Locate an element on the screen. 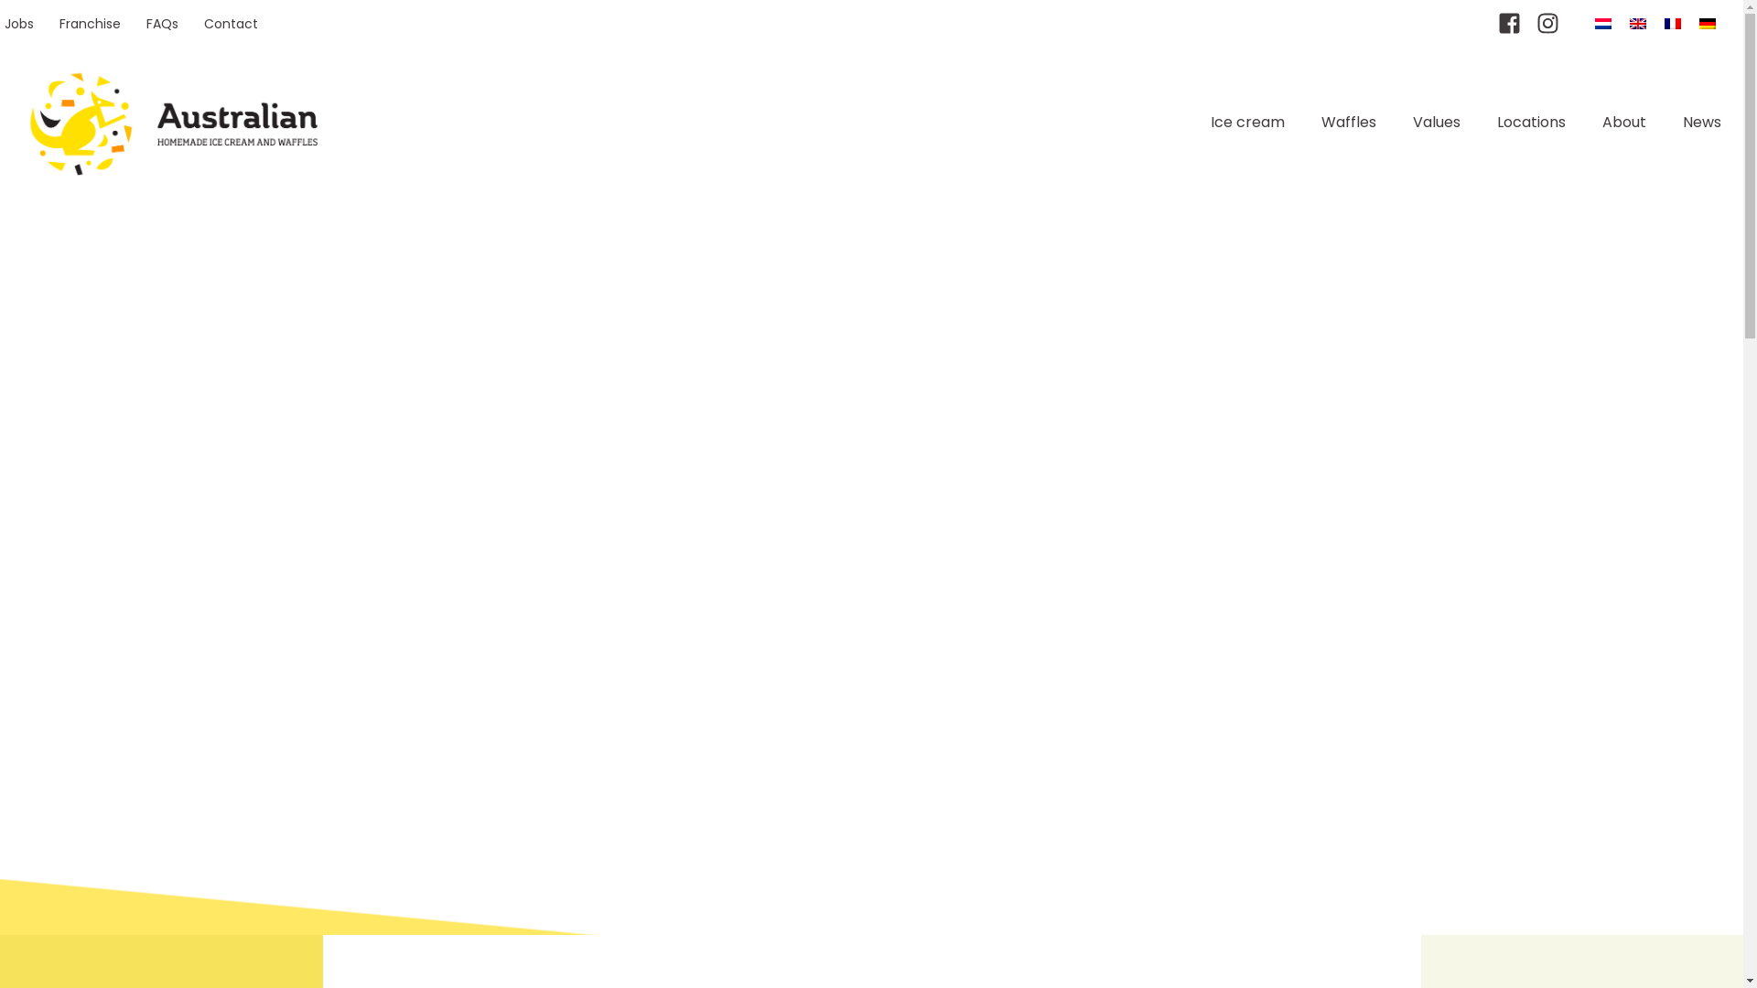  'Franchise' is located at coordinates (89, 24).